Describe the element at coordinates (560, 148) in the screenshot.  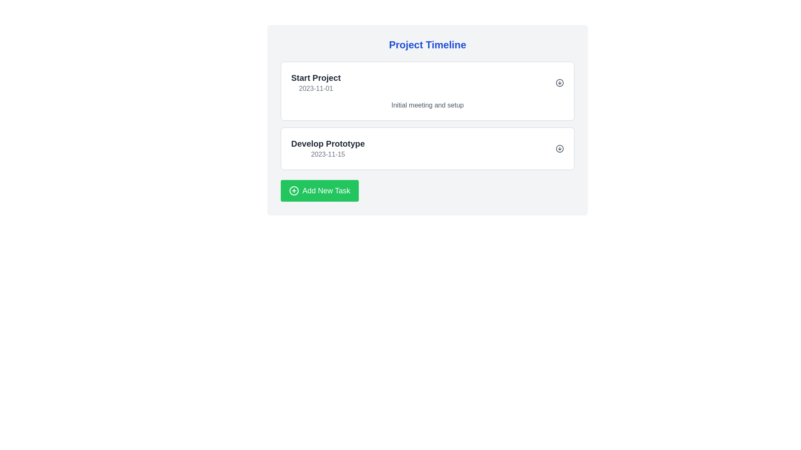
I see `the interactive icon button resembling a circular arrow pointing downward, located to the right of the 'Develop Prototype' task line near the timestamp '2023-11-15'` at that location.